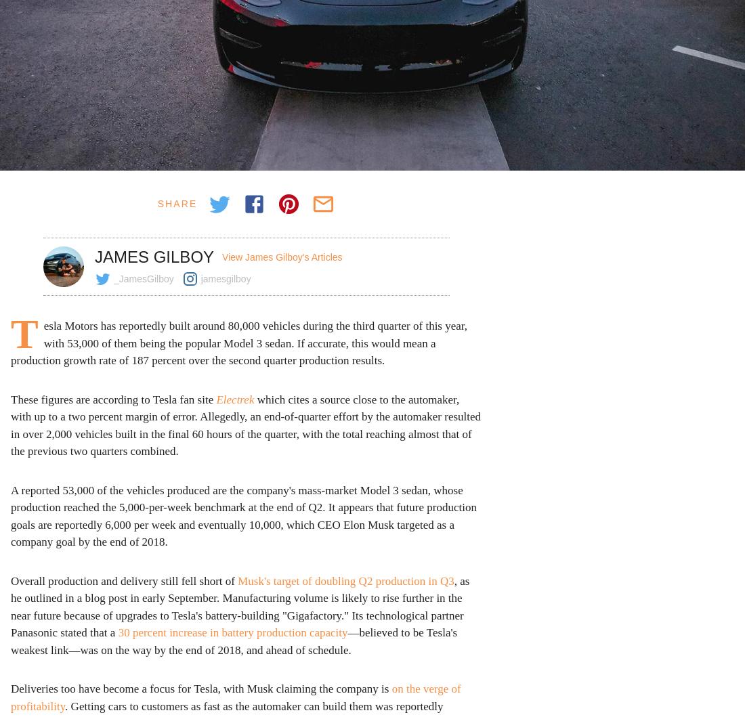 This screenshot has width=745, height=717. What do you see at coordinates (117, 632) in the screenshot?
I see `'30 percent increase in battery production capacity'` at bounding box center [117, 632].